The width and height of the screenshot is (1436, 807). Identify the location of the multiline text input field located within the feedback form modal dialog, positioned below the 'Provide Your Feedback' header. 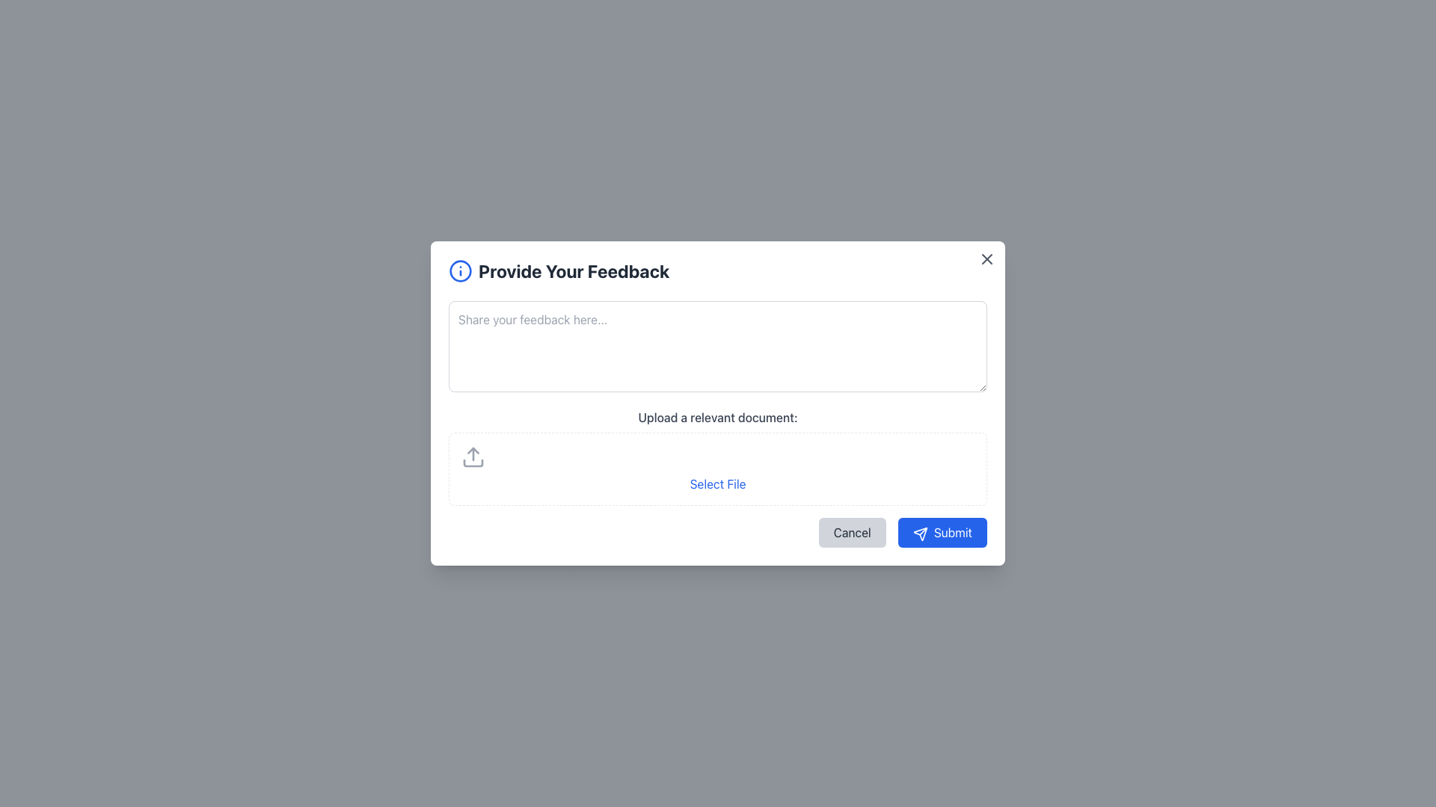
(718, 346).